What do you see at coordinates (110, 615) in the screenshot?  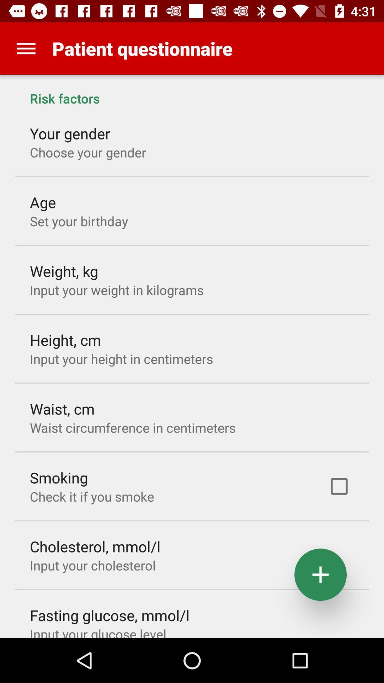 I see `fasting glucose mmol` at bounding box center [110, 615].